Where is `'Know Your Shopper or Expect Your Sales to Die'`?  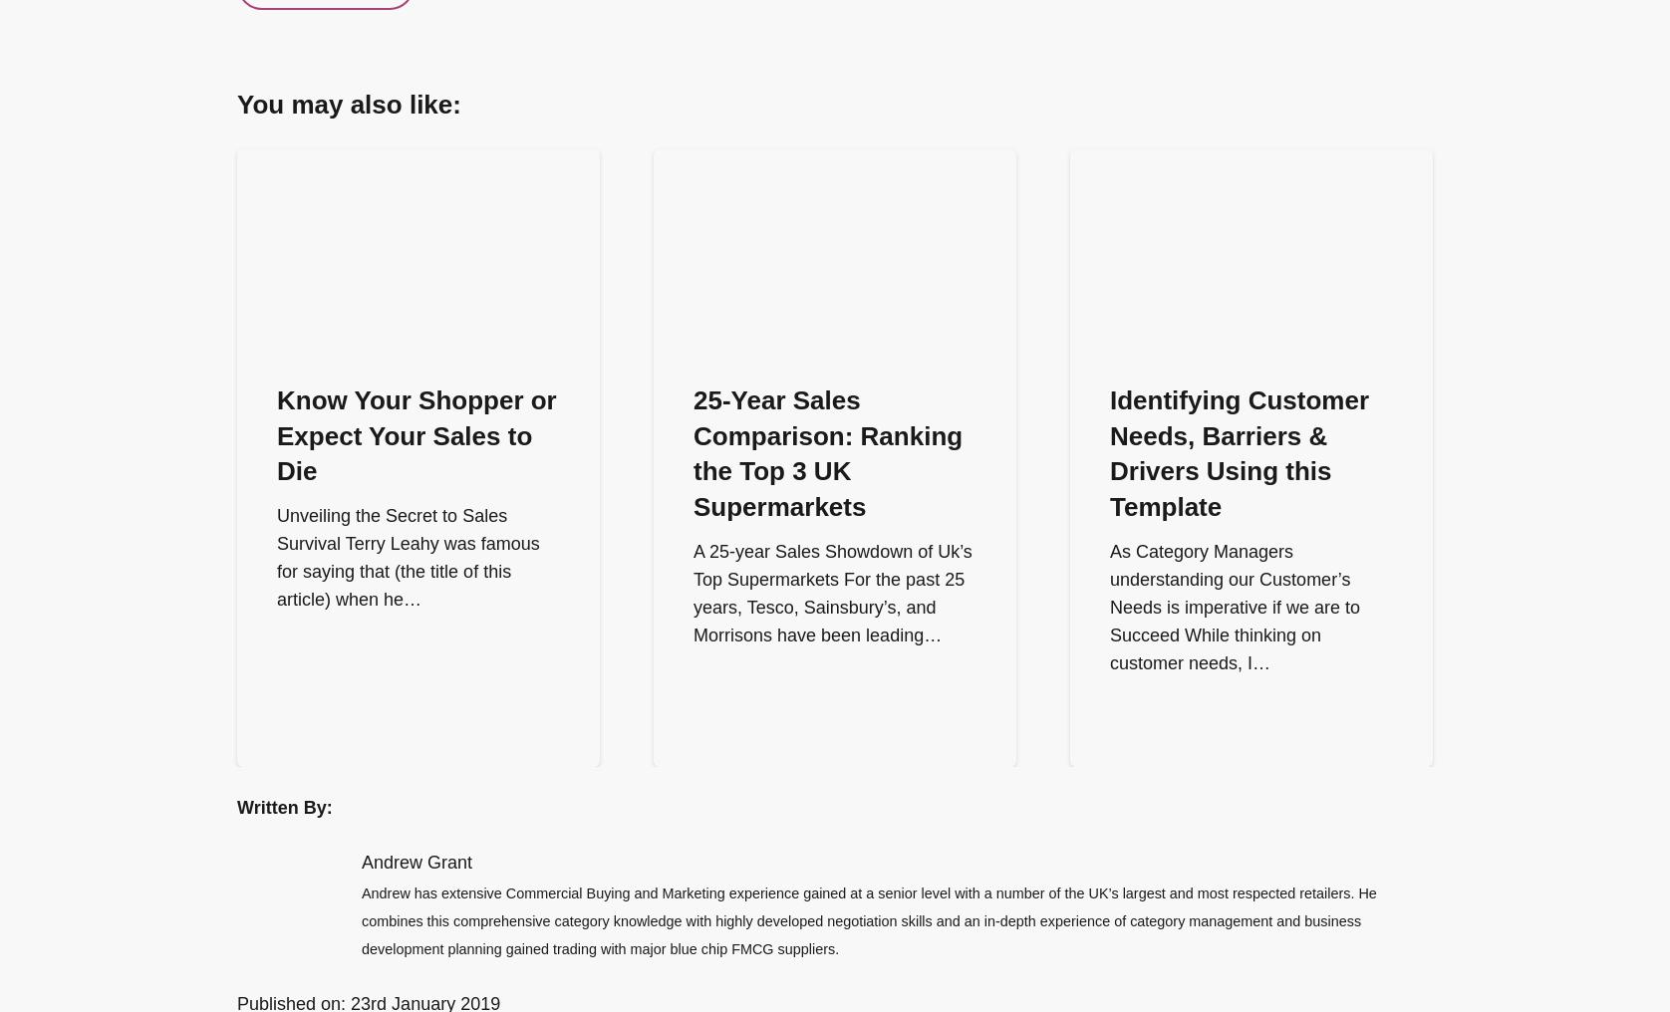
'Know Your Shopper or Expect Your Sales to Die' is located at coordinates (415, 434).